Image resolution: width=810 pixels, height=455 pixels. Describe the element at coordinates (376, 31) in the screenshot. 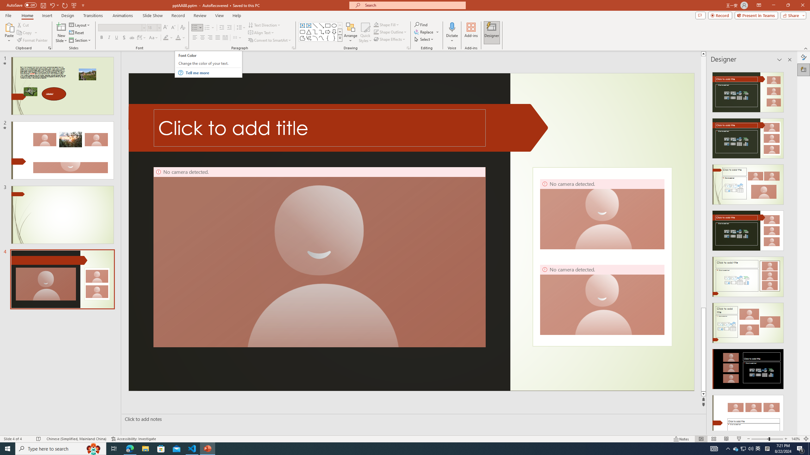

I see `'Shape Outline Teal, Accent 1'` at that location.